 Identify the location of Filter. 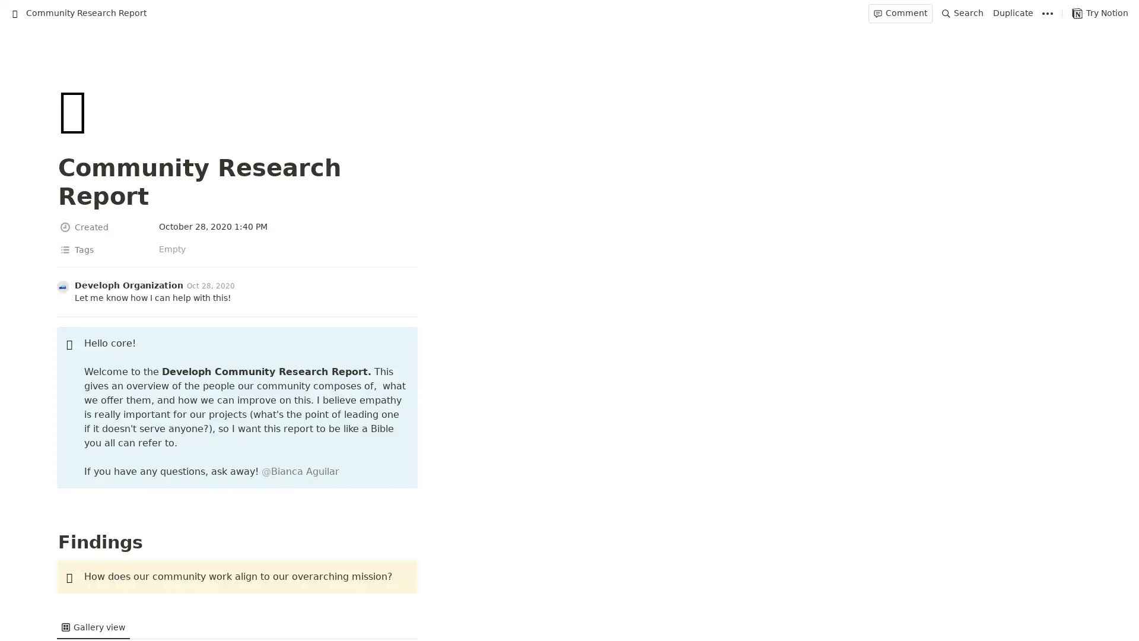
(1006, 542).